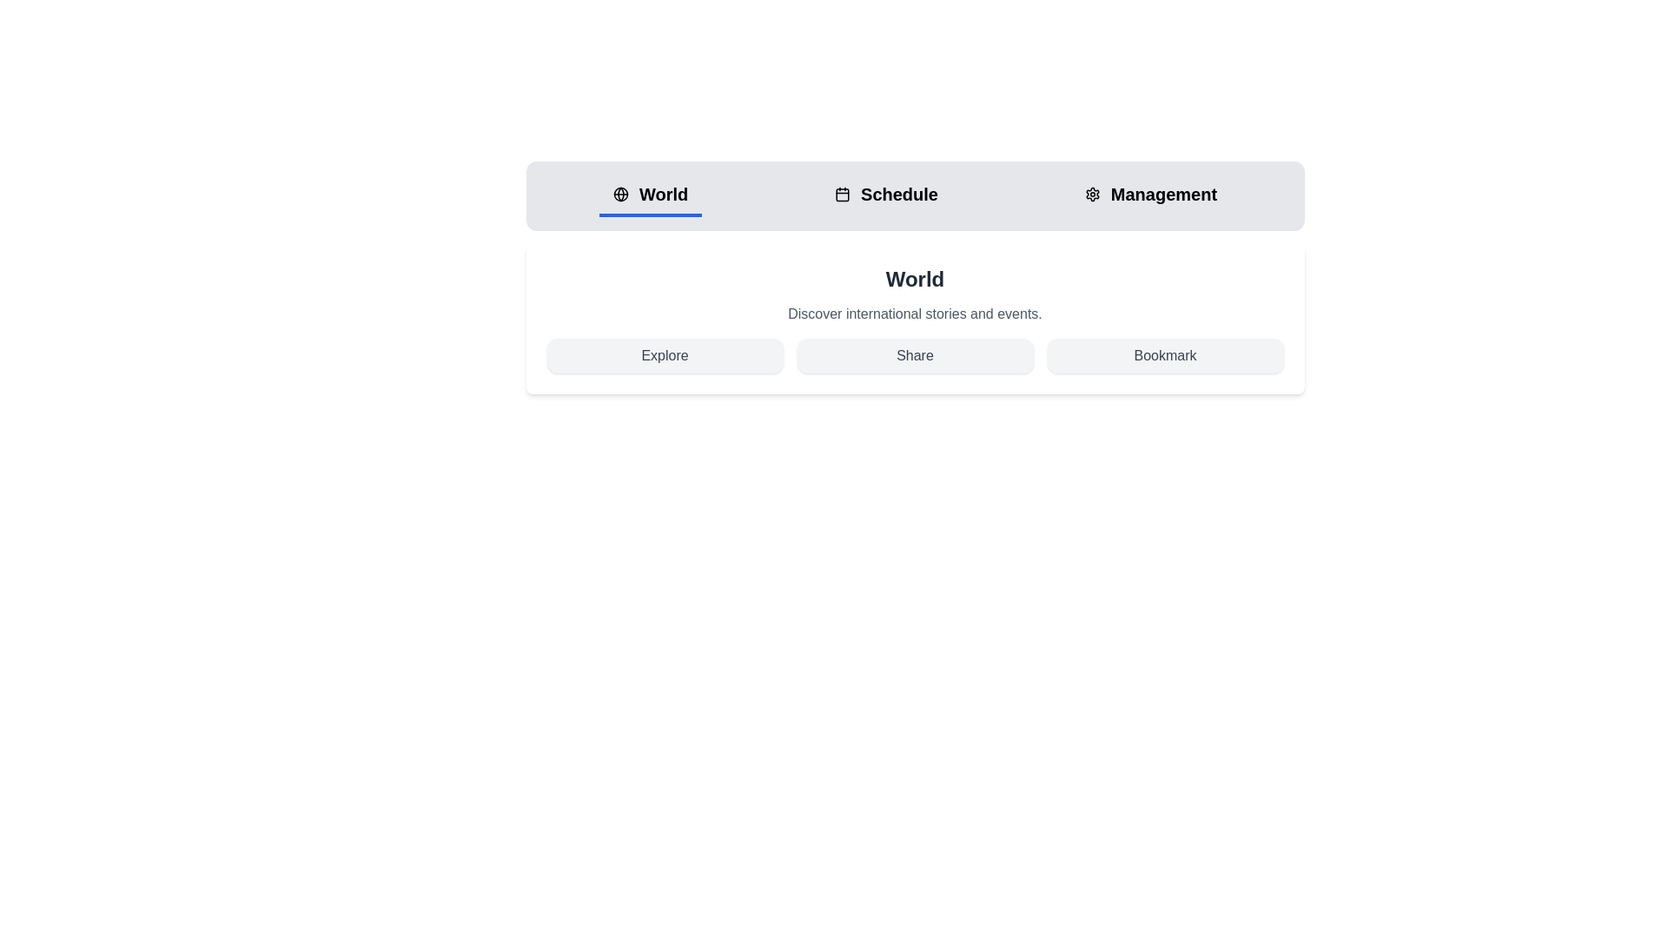 The image size is (1668, 938). I want to click on the Schedule tab by clicking on it, so click(886, 195).